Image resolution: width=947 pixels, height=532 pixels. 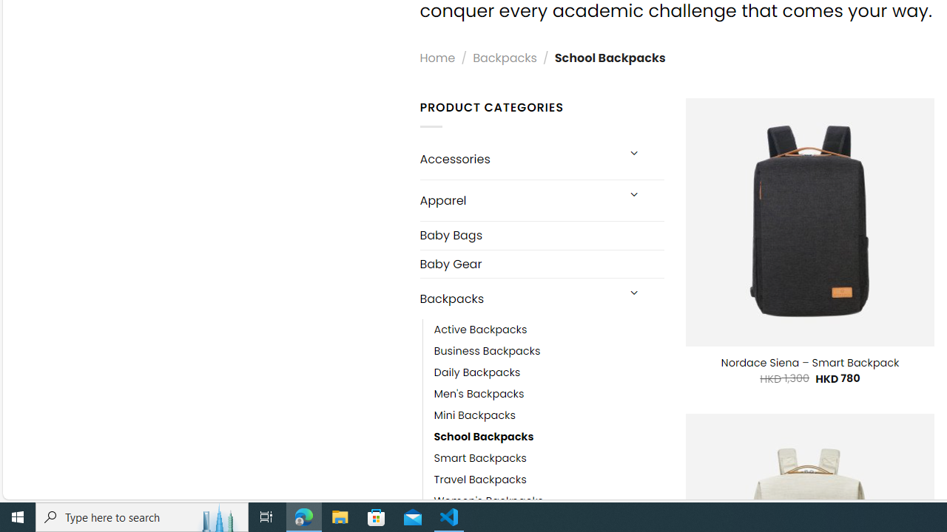 What do you see at coordinates (548, 500) in the screenshot?
I see `'Women'` at bounding box center [548, 500].